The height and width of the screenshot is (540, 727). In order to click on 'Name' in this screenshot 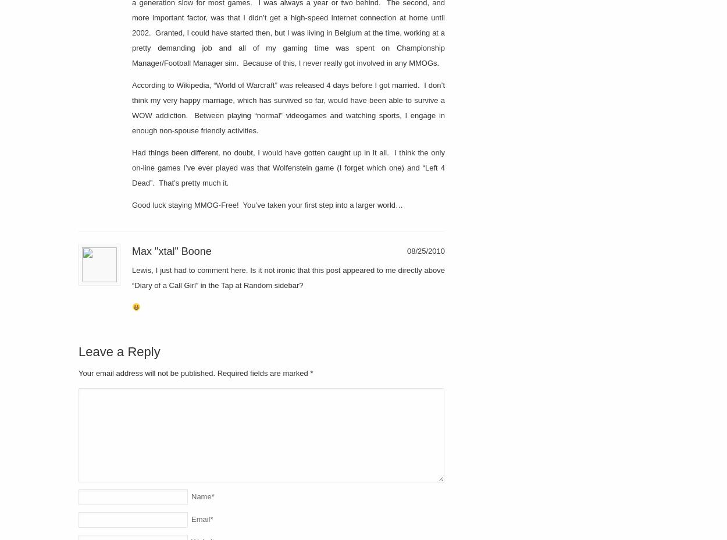, I will do `click(201, 496)`.